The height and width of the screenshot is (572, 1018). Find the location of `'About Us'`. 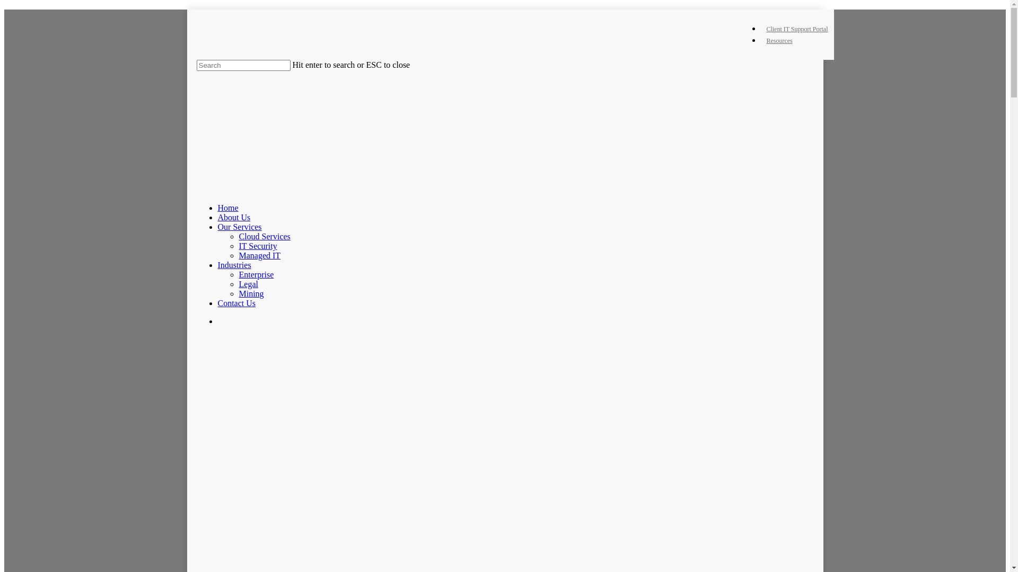

'About Us' is located at coordinates (233, 217).